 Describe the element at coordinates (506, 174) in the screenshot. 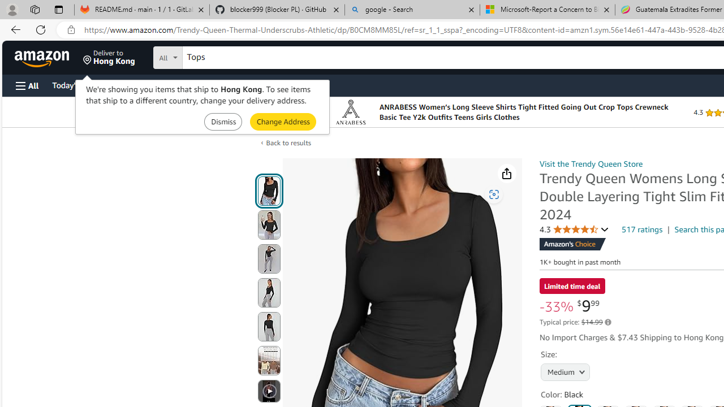

I see `'Share'` at that location.